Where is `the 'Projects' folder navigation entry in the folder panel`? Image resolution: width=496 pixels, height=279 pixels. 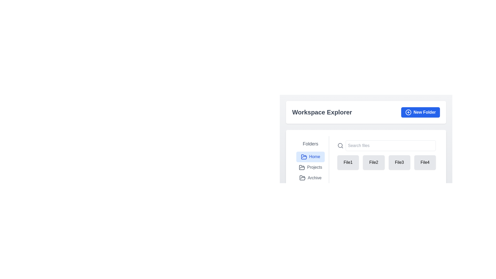
the 'Projects' folder navigation entry in the folder panel is located at coordinates (310, 167).